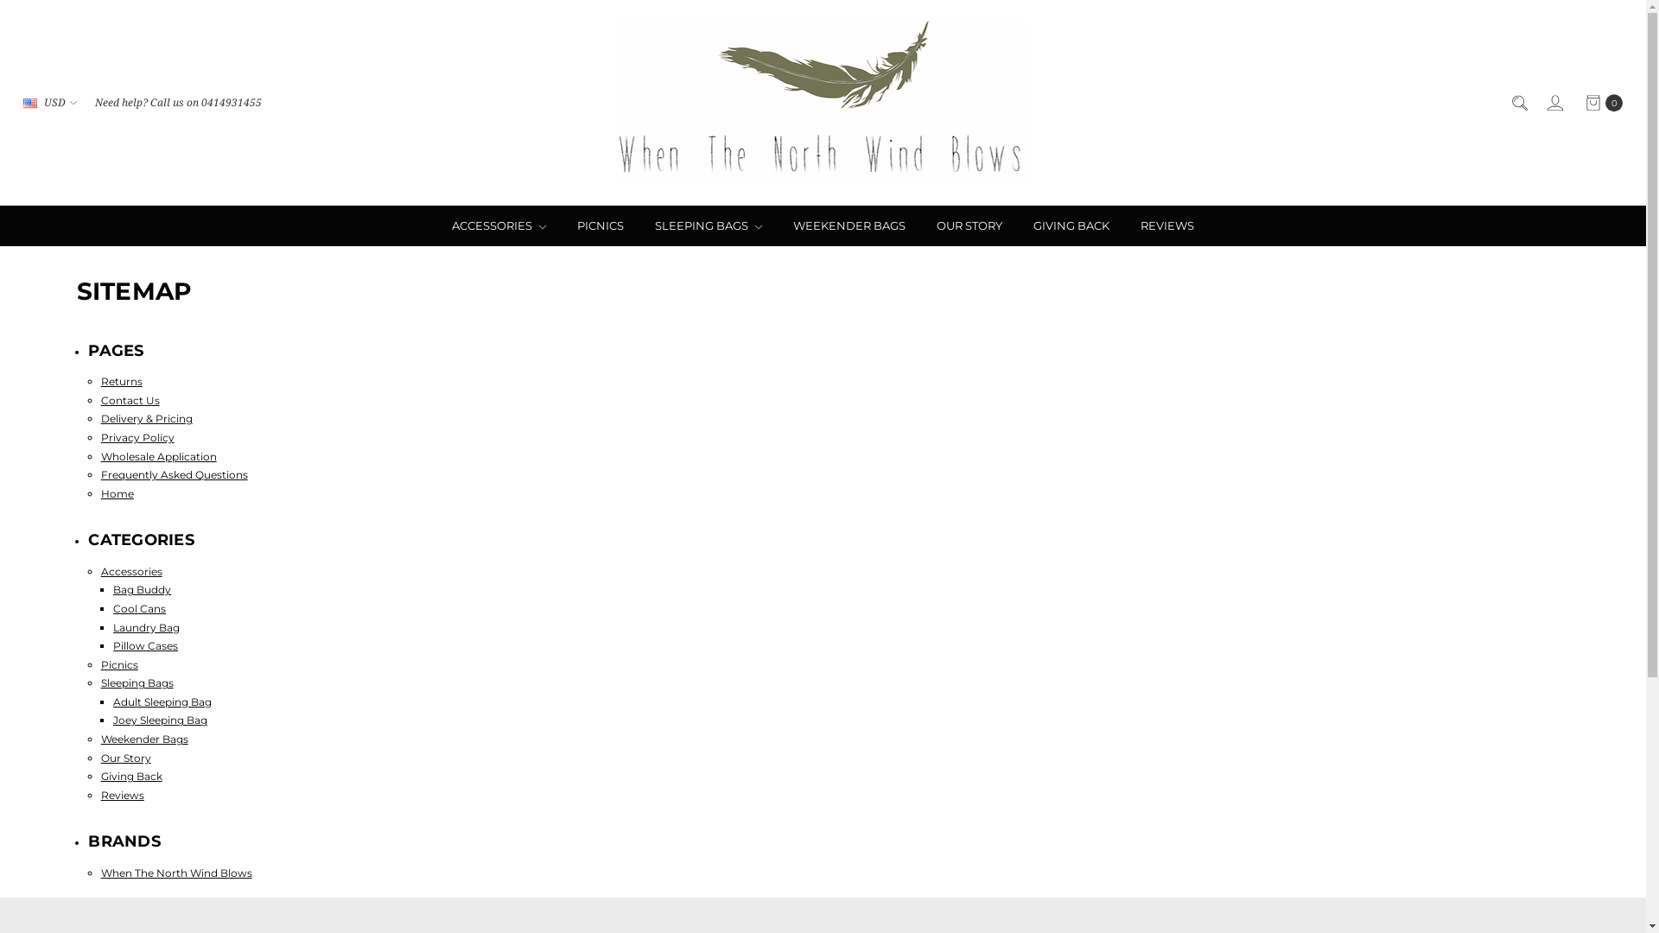 Image resolution: width=1659 pixels, height=933 pixels. I want to click on 'Wholesale Application', so click(158, 455).